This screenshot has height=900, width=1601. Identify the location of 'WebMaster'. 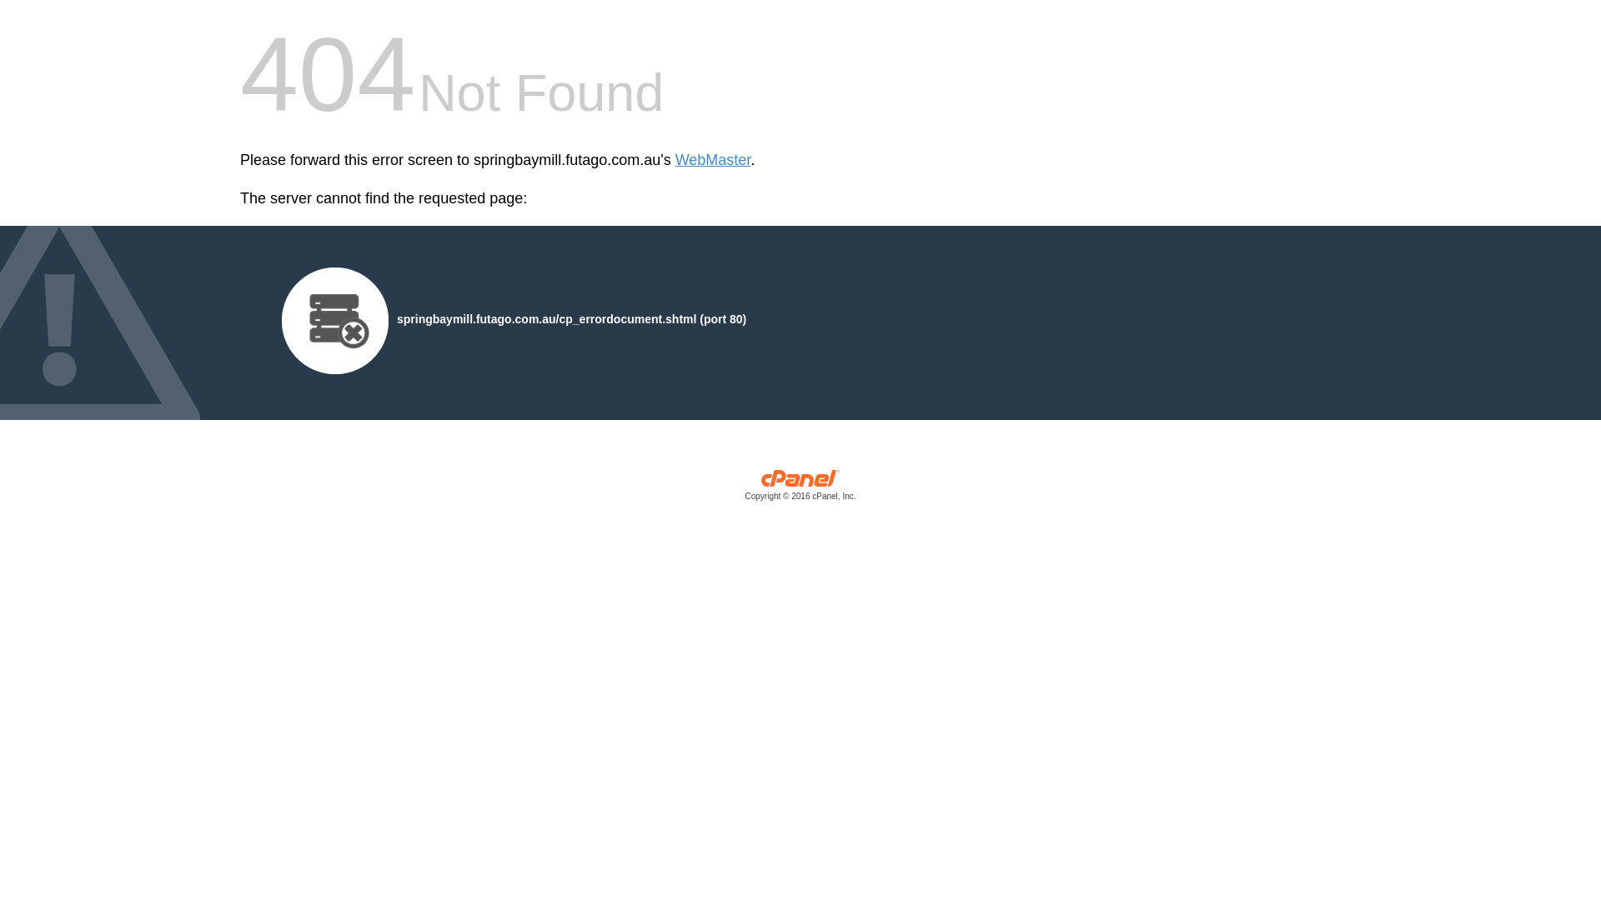
(675, 160).